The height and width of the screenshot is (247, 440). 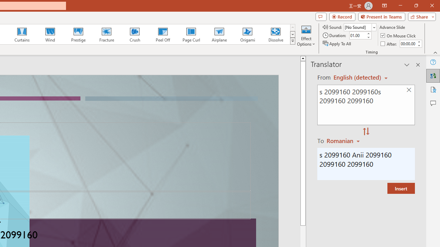 I want to click on 'Dissolve', so click(x=276, y=34).